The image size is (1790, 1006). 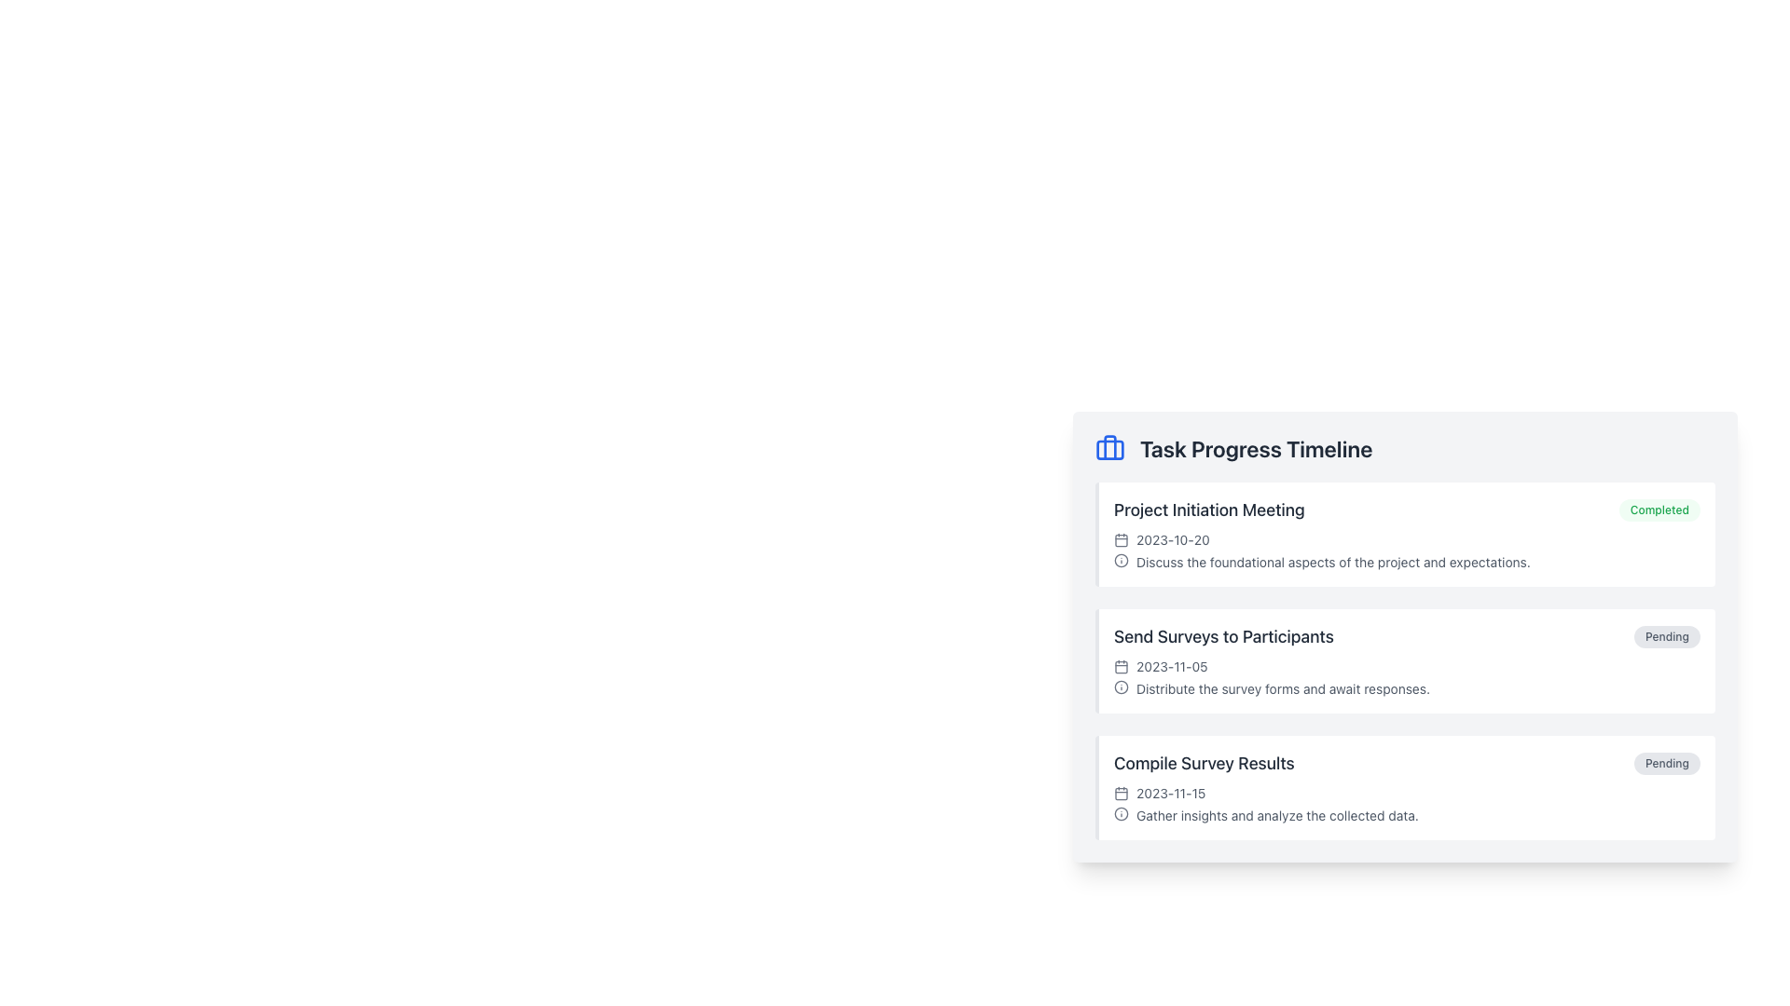 What do you see at coordinates (1109, 446) in the screenshot?
I see `the blue vertical rectangle on the left side of the briefcase icon located next to the 'Task Progress Timeline' header` at bounding box center [1109, 446].